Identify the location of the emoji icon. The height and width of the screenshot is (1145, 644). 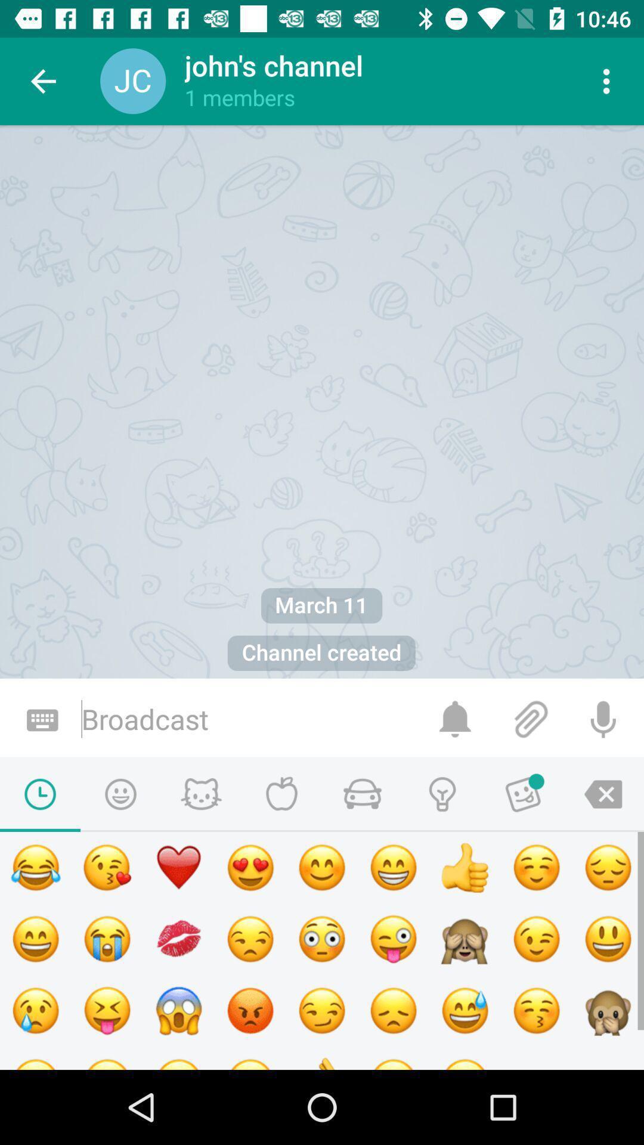
(535, 938).